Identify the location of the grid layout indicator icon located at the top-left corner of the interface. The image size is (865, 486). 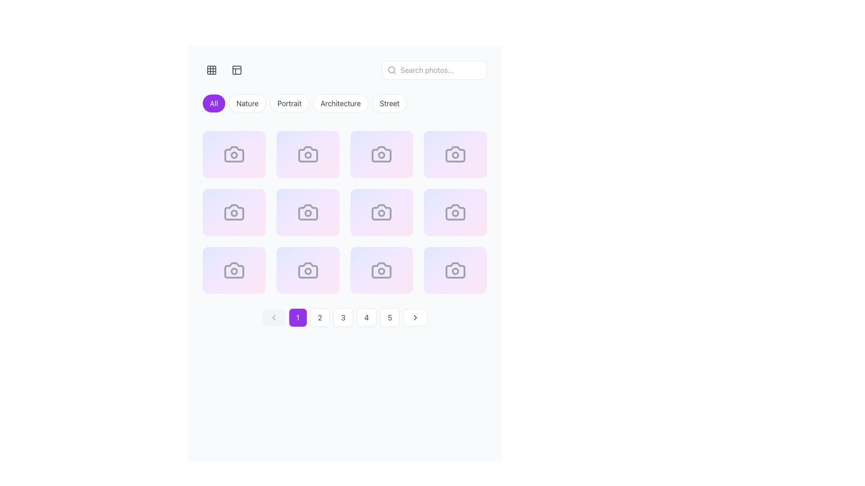
(237, 69).